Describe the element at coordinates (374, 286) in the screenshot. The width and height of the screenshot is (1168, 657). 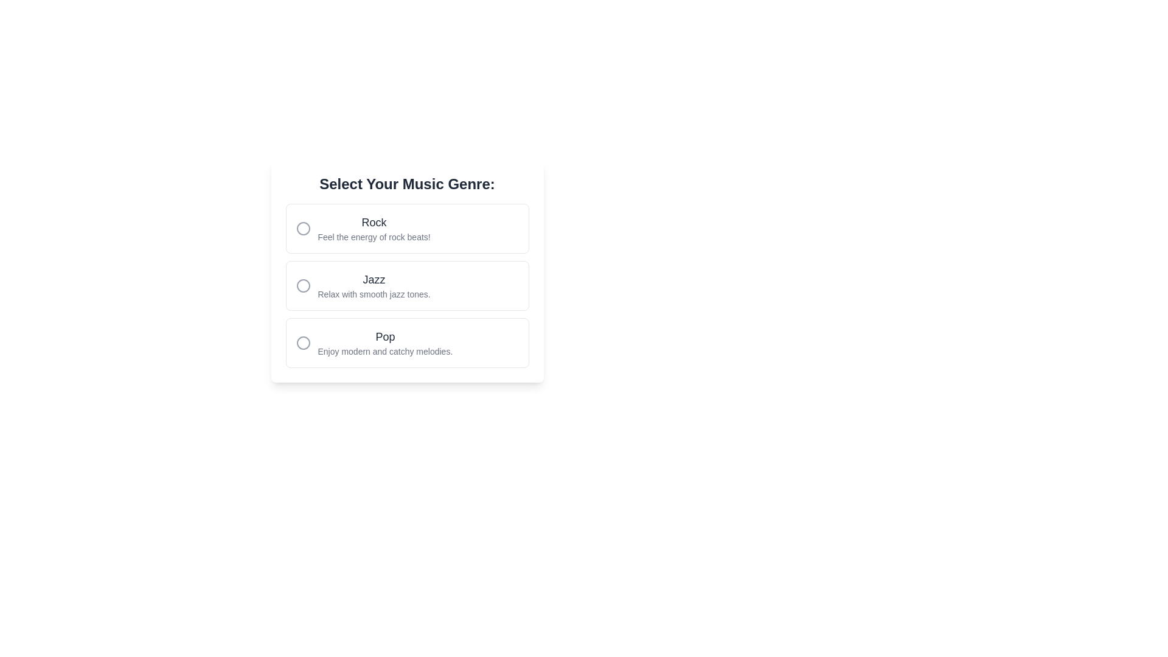
I see `descriptive label for the 'Jazz' music genre option, which is the second option in the selectable music genre list, positioned between 'Rock' and 'Pop'` at that location.